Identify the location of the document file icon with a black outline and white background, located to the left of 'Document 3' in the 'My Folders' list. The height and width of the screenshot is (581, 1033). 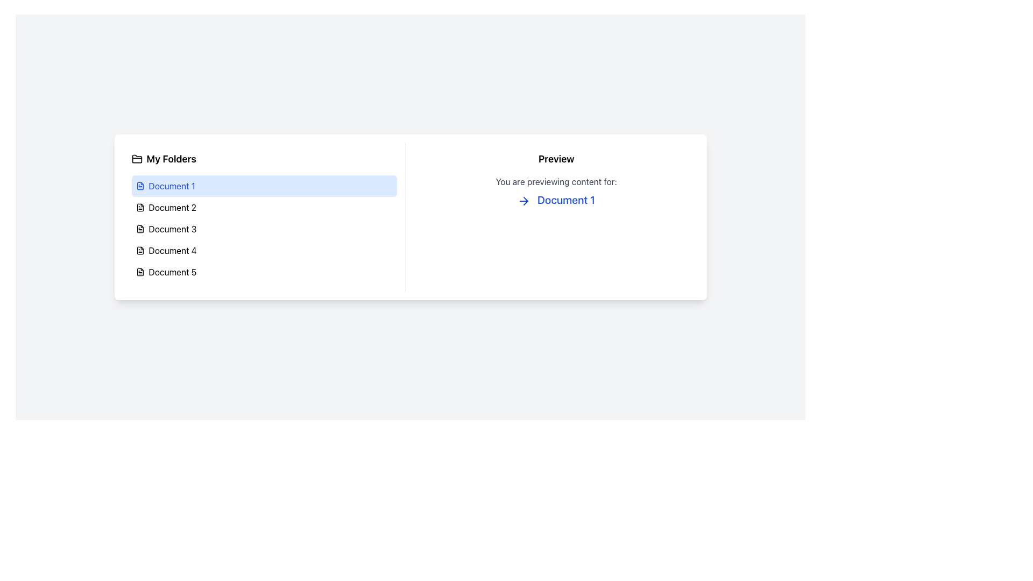
(139, 228).